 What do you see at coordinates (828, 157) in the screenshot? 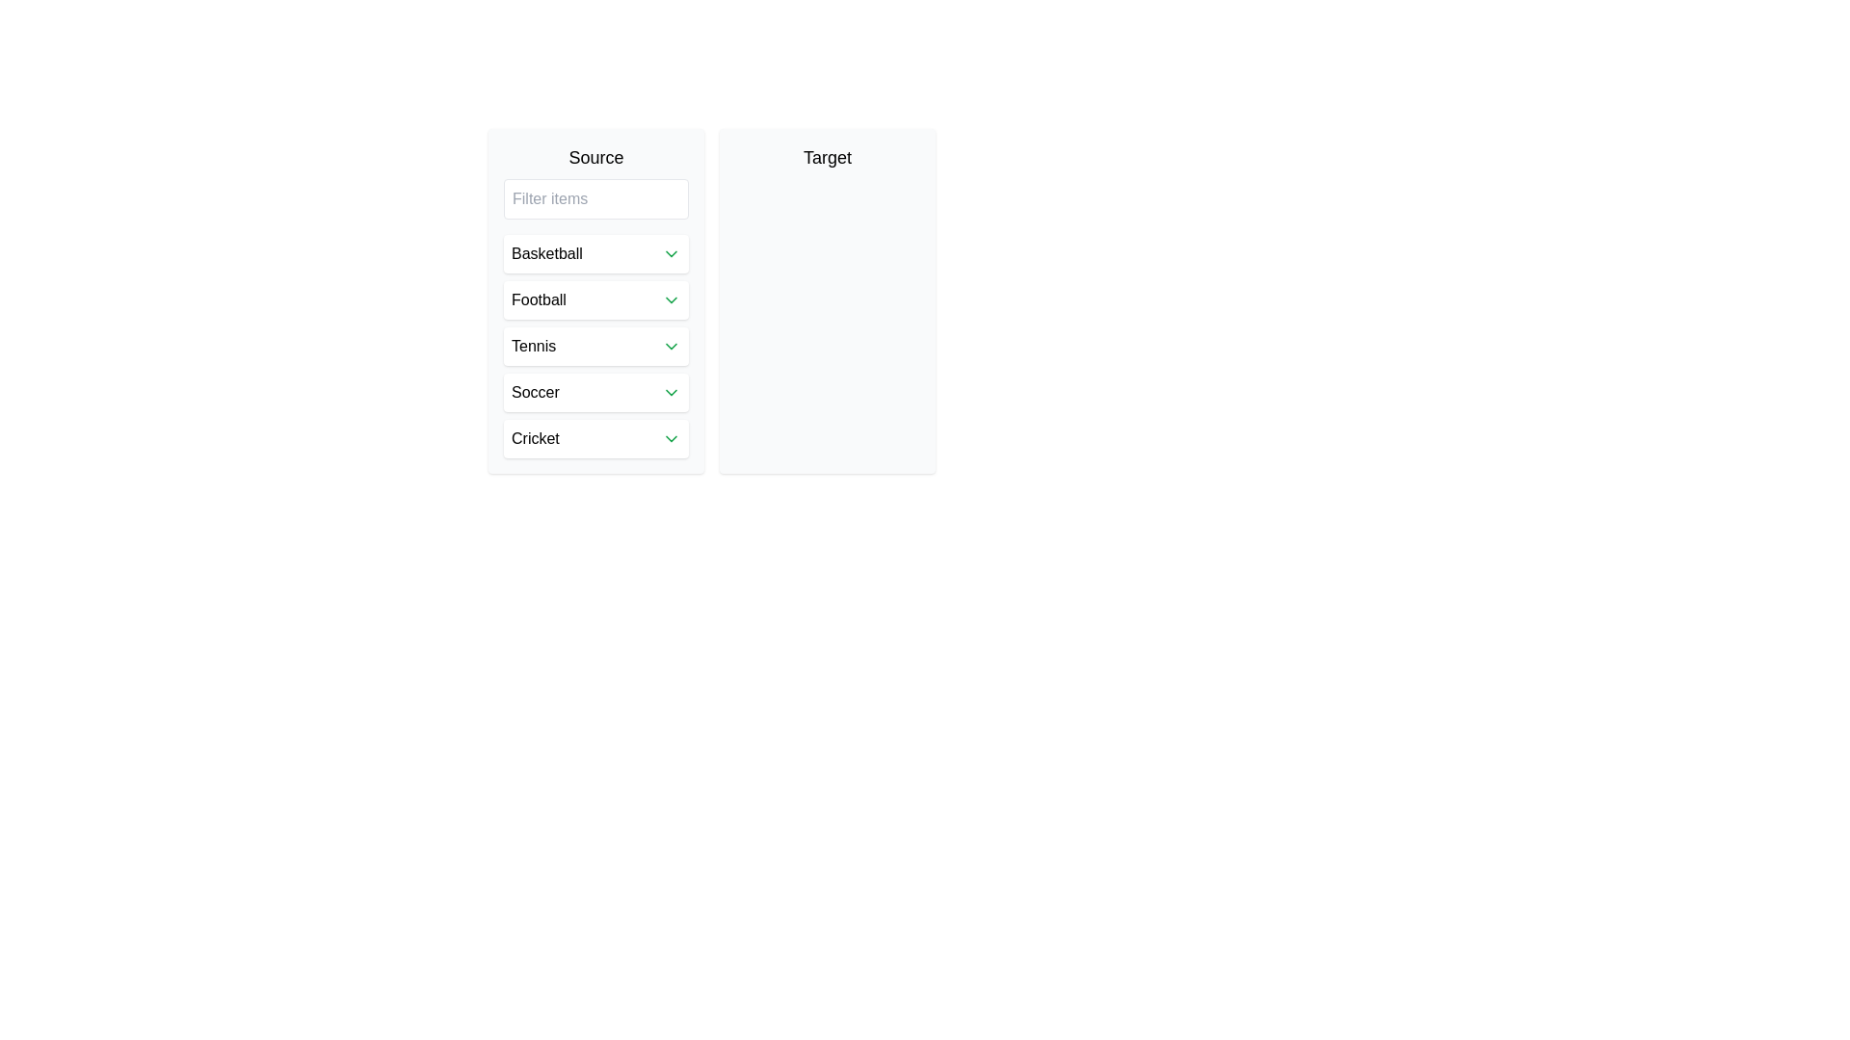
I see `the 'Target' label, which displays the word 'Target' in medium bold font, located in the second column adjacent to 'Source'` at bounding box center [828, 157].